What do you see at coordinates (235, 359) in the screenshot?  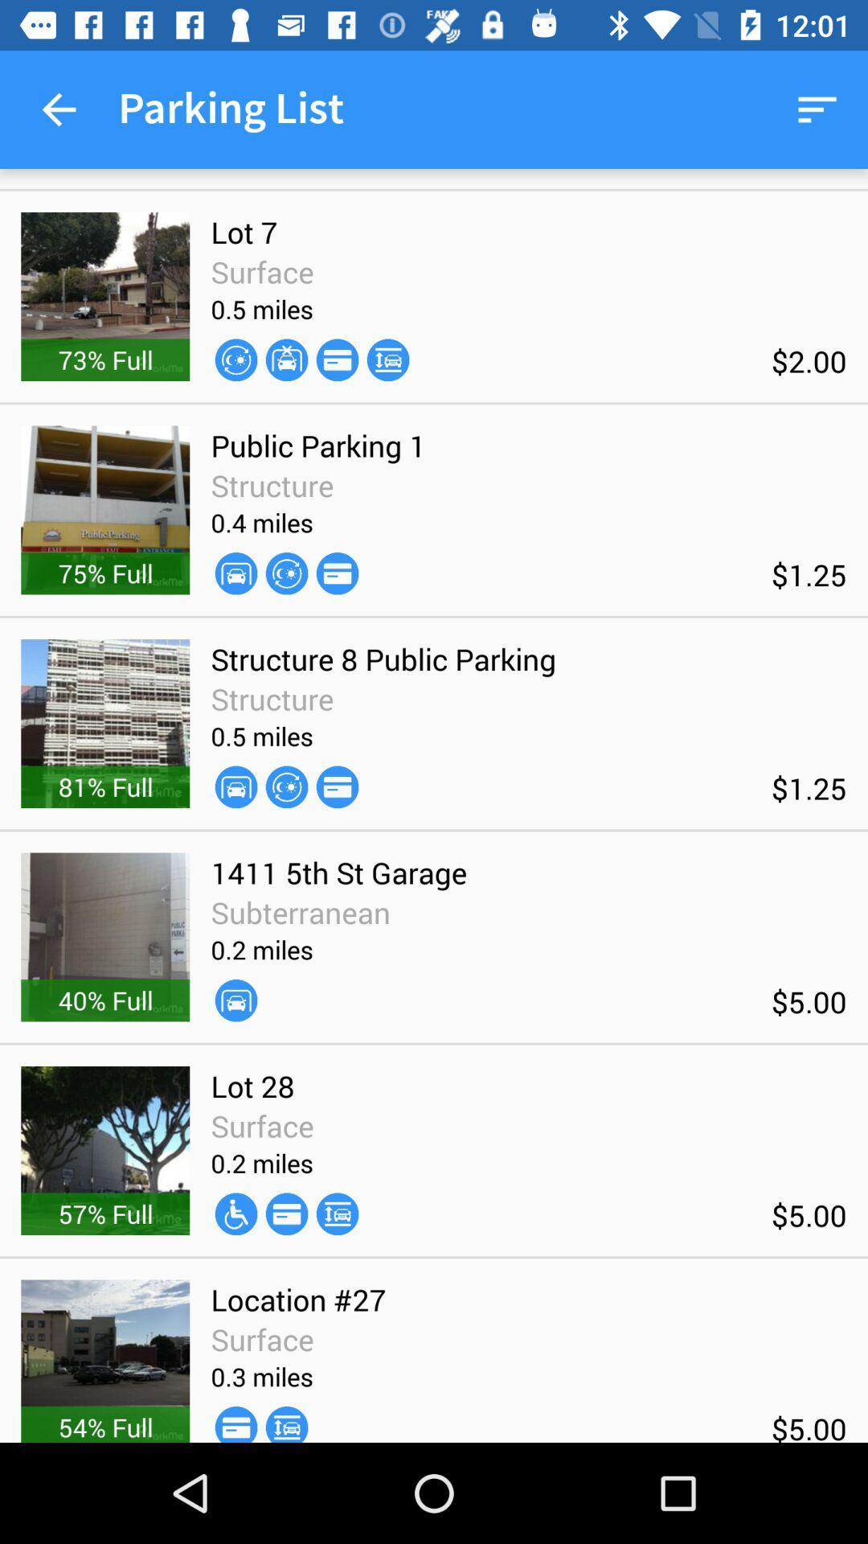 I see `item above public parking 1 icon` at bounding box center [235, 359].